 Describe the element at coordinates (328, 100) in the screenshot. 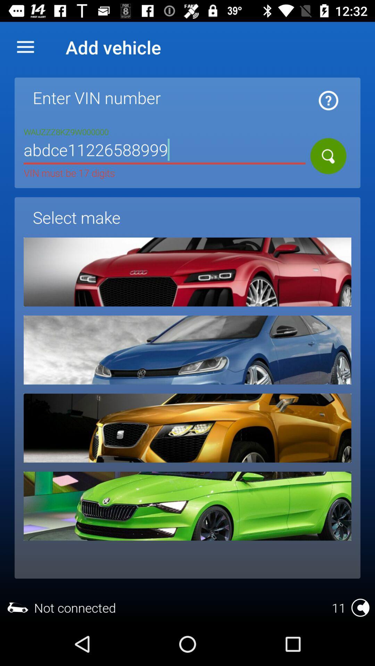

I see `click for information` at that location.